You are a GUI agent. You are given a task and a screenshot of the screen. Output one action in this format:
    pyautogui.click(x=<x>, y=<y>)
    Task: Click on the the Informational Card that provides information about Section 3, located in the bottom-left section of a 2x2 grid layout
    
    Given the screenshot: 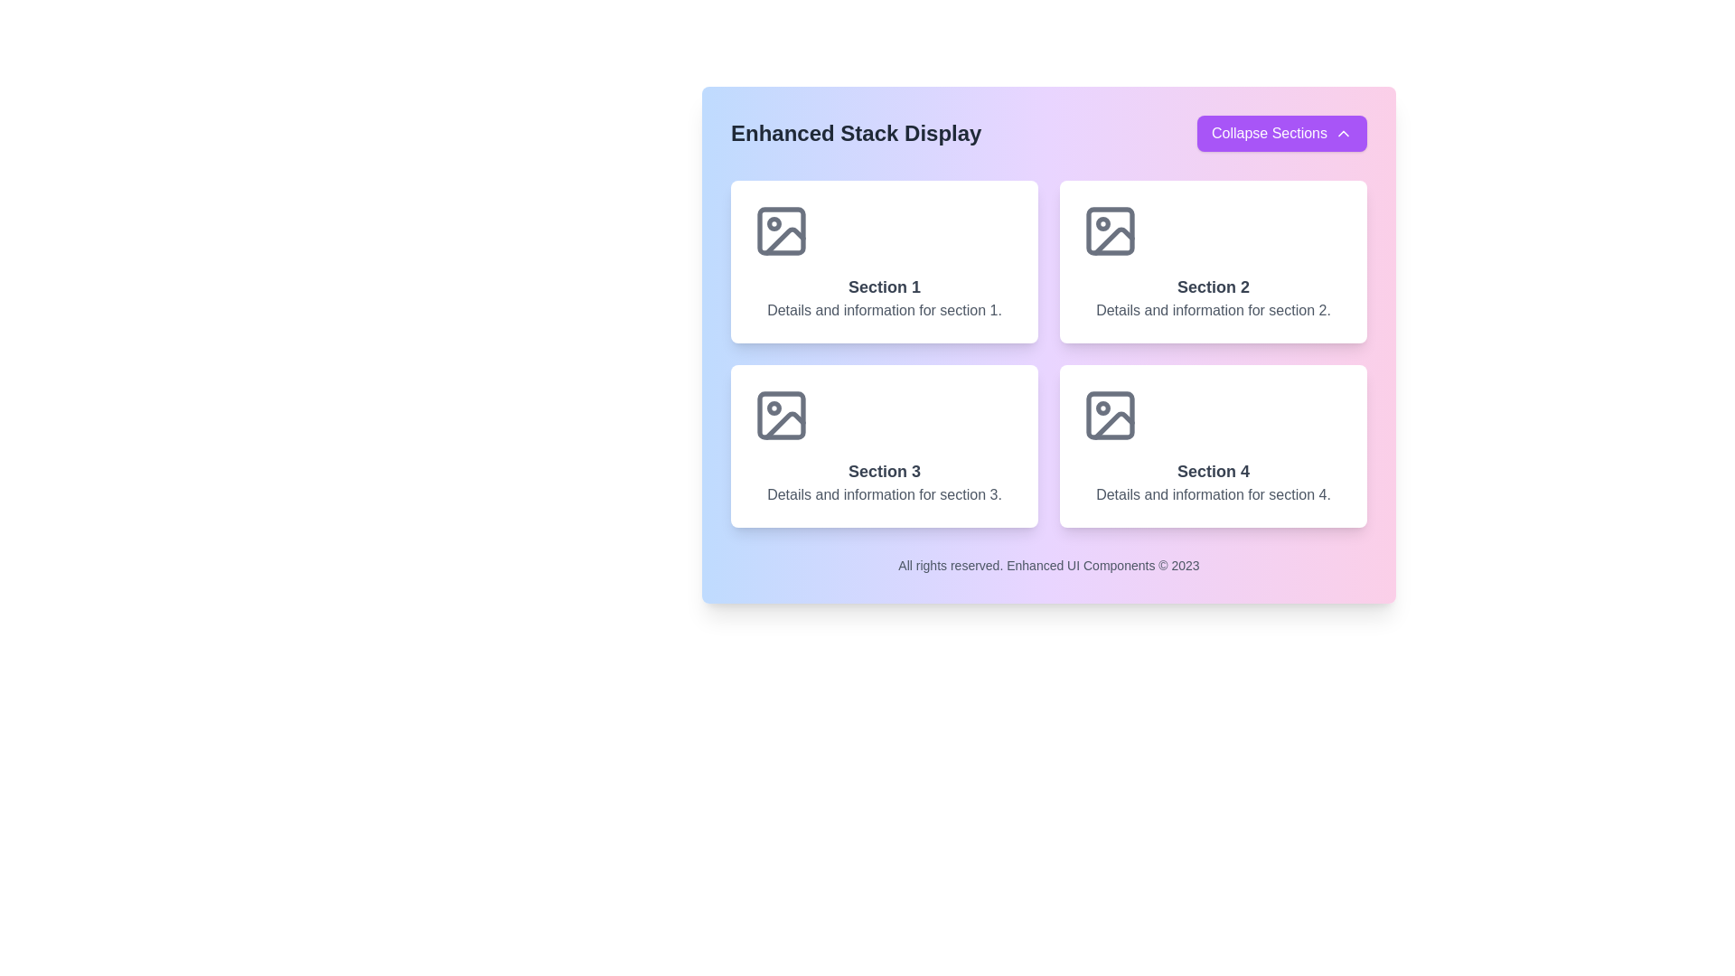 What is the action you would take?
    pyautogui.click(x=885, y=446)
    